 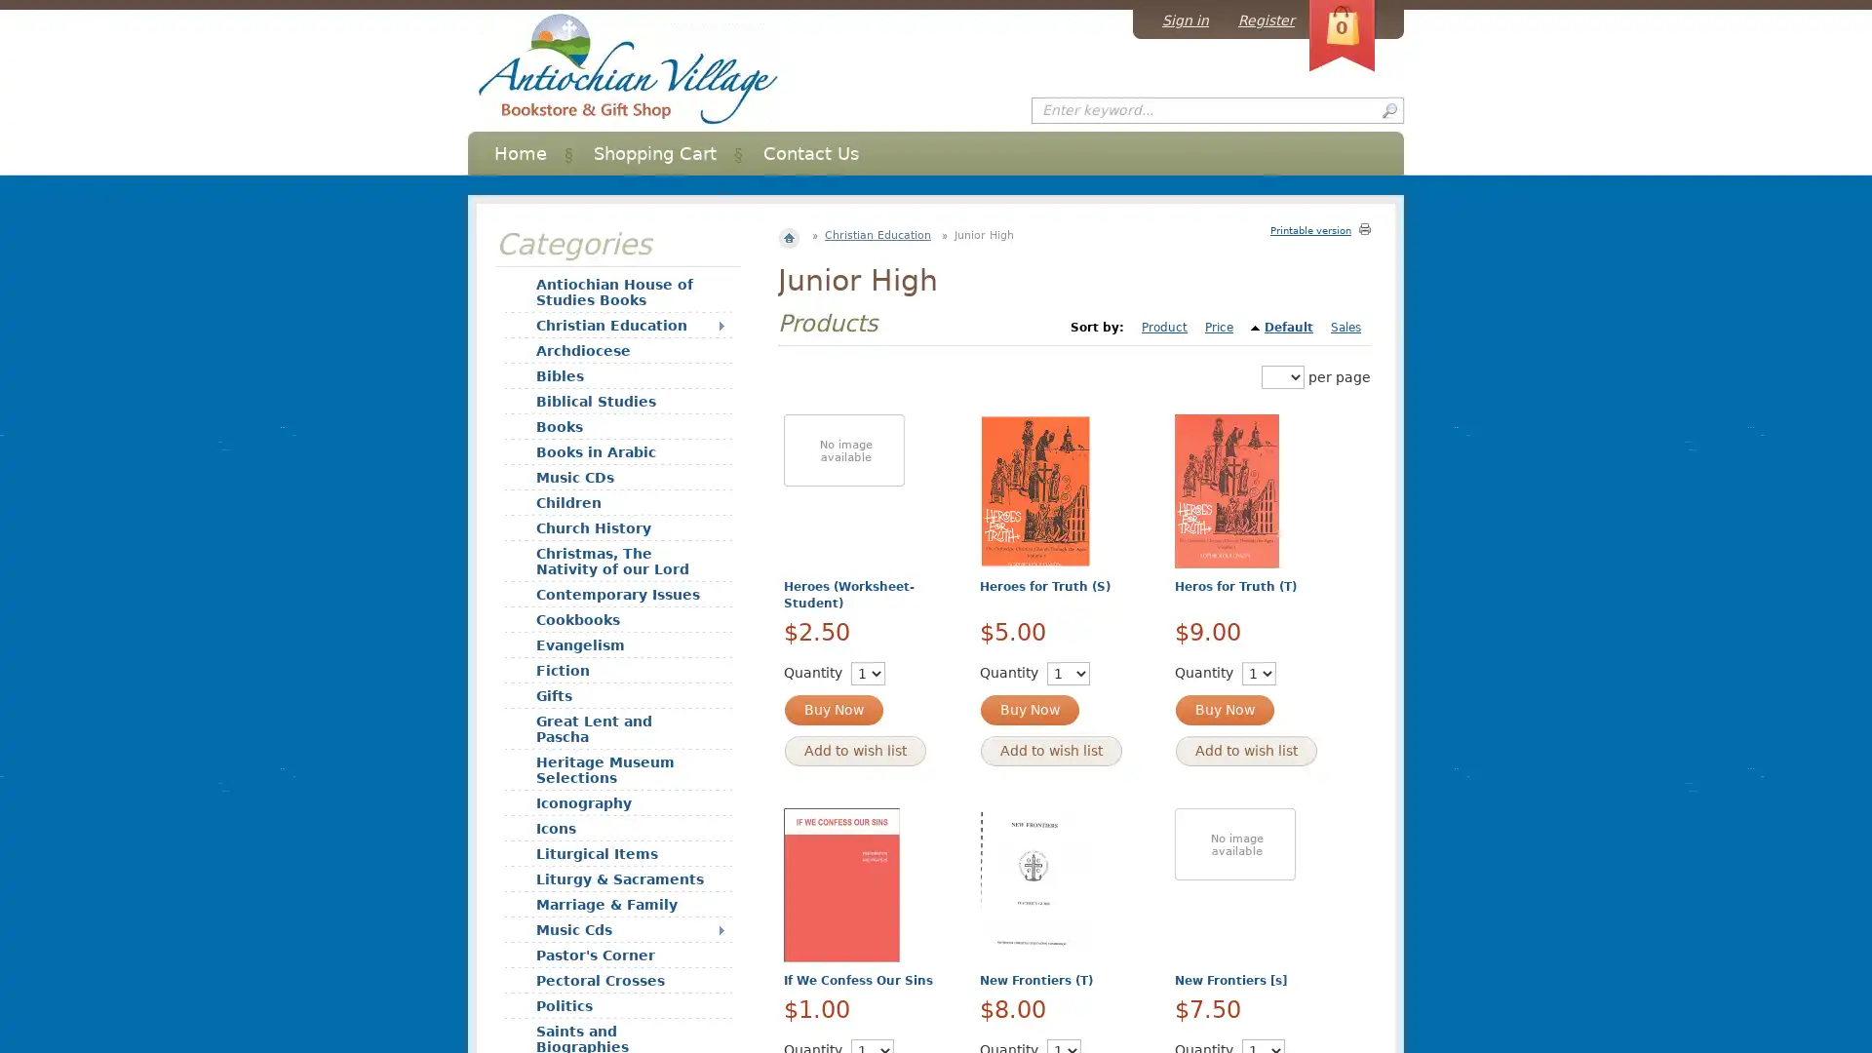 What do you see at coordinates (855, 750) in the screenshot?
I see `Add to wish list` at bounding box center [855, 750].